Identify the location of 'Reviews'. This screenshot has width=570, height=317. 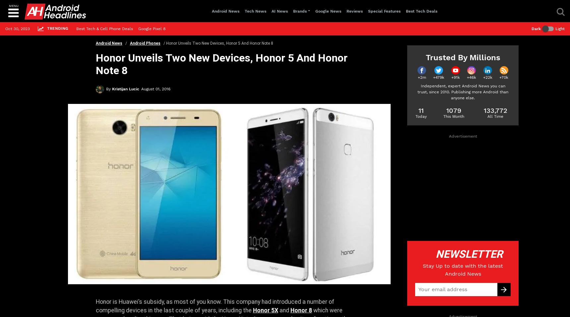
(354, 10).